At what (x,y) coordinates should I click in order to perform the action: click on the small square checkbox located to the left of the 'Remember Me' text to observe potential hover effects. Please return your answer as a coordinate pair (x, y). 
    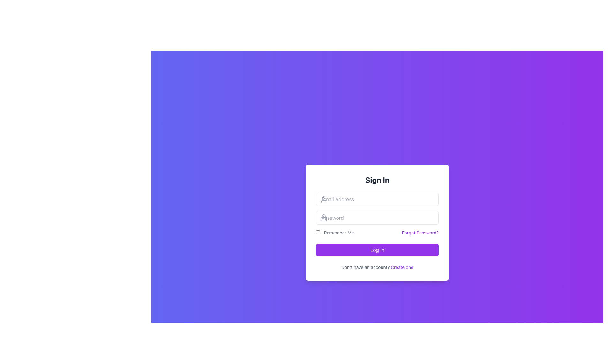
    Looking at the image, I should click on (318, 232).